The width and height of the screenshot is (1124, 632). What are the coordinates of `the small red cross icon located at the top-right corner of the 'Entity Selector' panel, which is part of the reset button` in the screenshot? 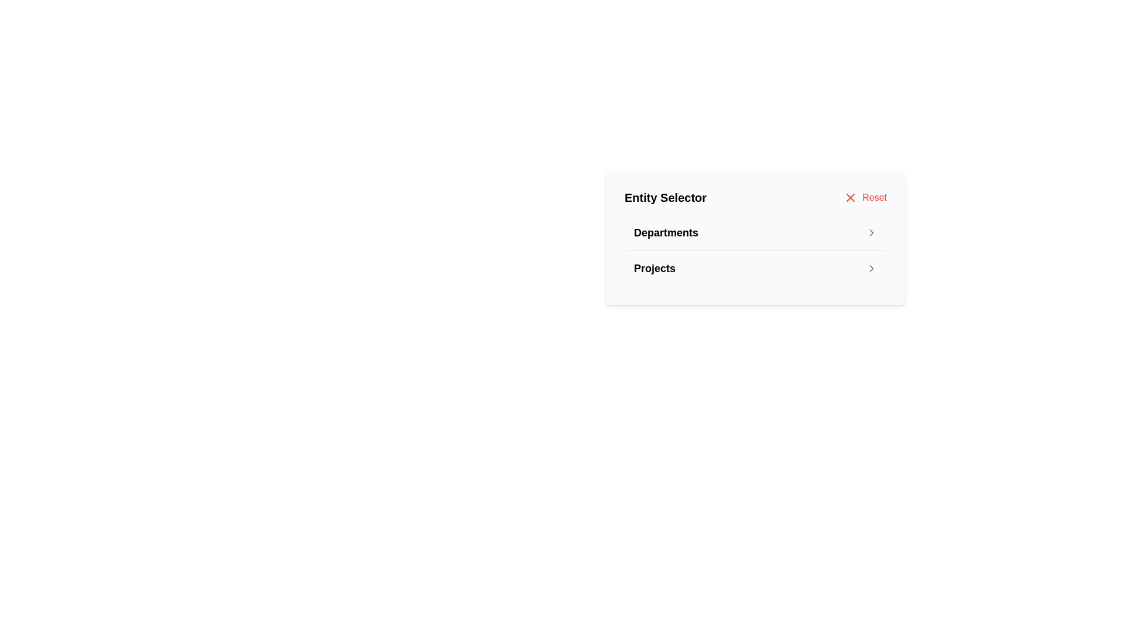 It's located at (851, 197).